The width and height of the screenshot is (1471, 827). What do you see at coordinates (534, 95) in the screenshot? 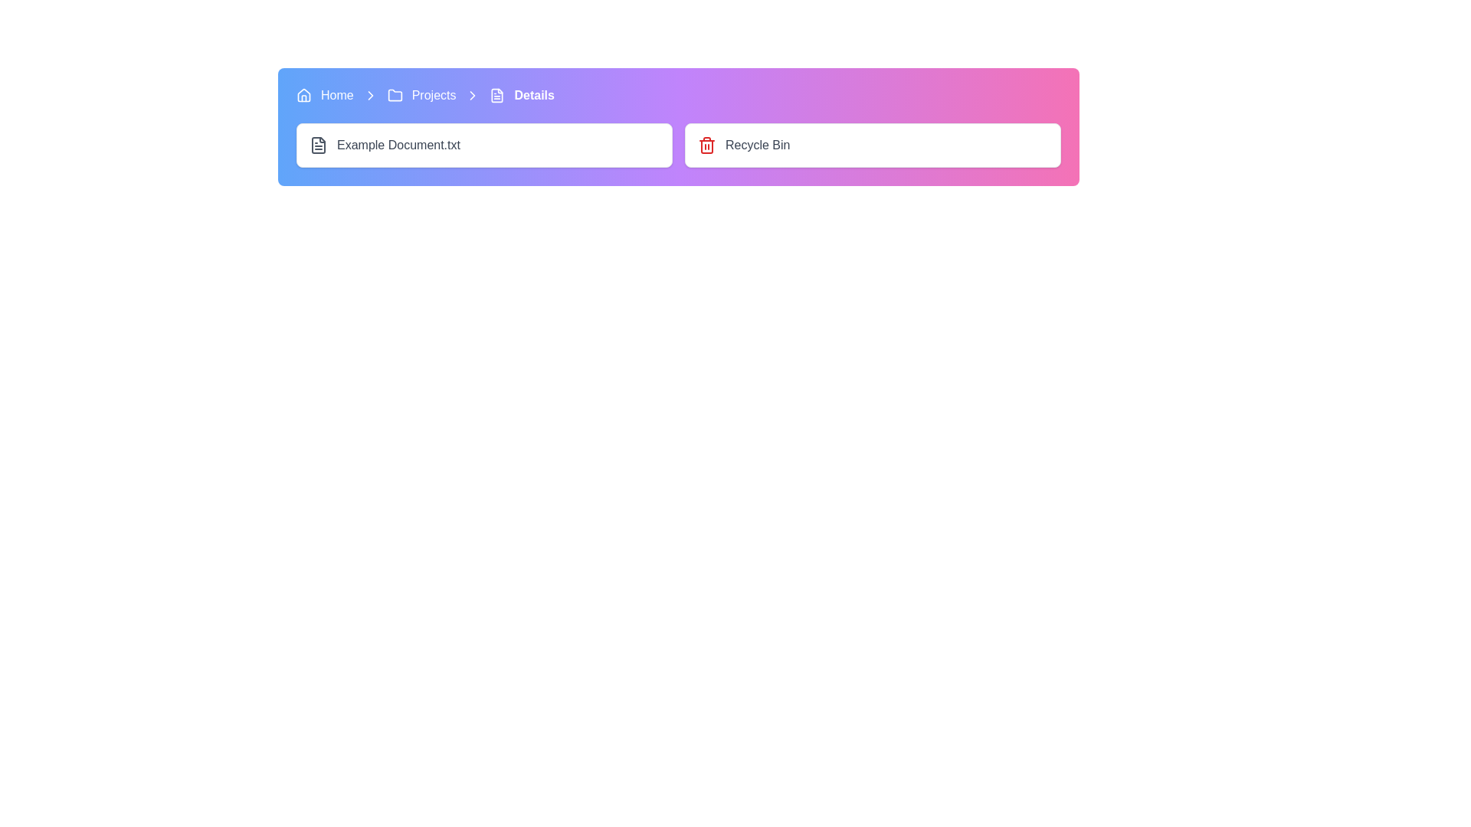
I see `the 'Details' text label in the breadcrumb navigation section, which is bold and white, positioned after the 'Projects' label and a right-facing chevron icon` at bounding box center [534, 95].